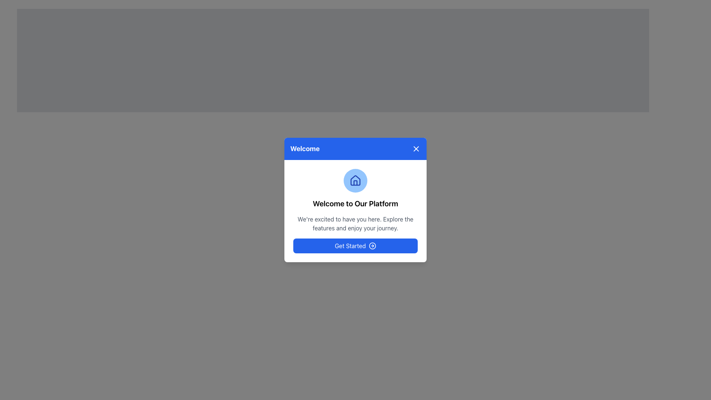  What do you see at coordinates (355, 183) in the screenshot?
I see `the blue house-shaped icon in the center of the vertical rectangle, which is part of an SVG element in the middle of the dialog box` at bounding box center [355, 183].